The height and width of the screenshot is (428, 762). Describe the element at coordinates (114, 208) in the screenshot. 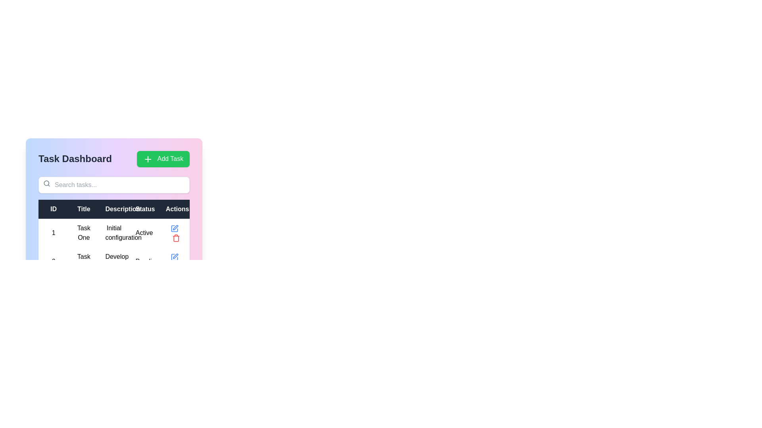

I see `text label that identifies the 'Description' column in the table header, located between the 'Title' and 'Status' columns` at that location.